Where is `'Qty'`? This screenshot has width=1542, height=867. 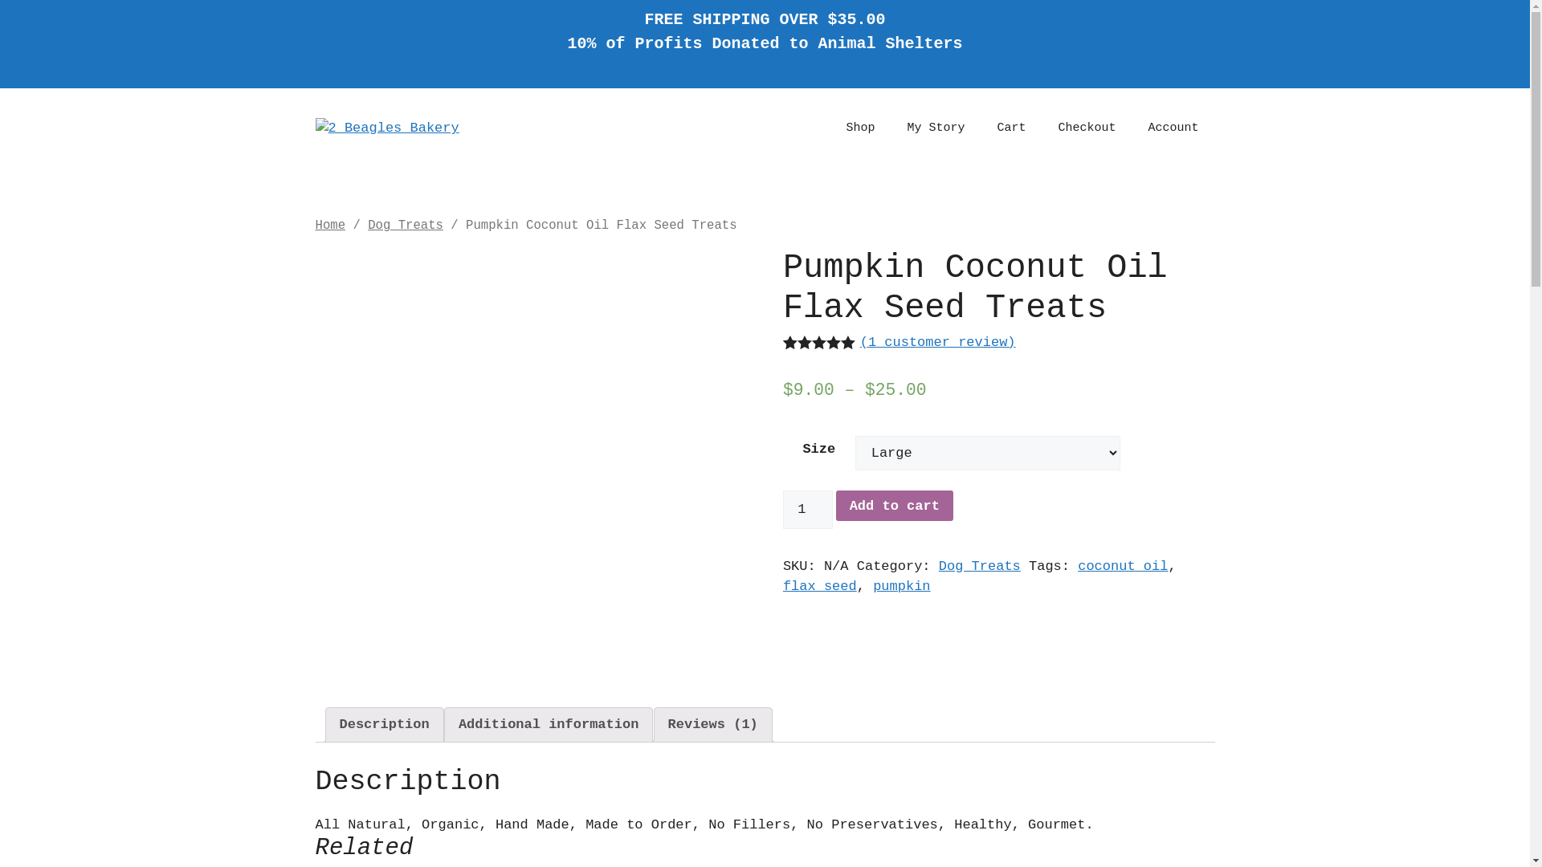 'Qty' is located at coordinates (808, 510).